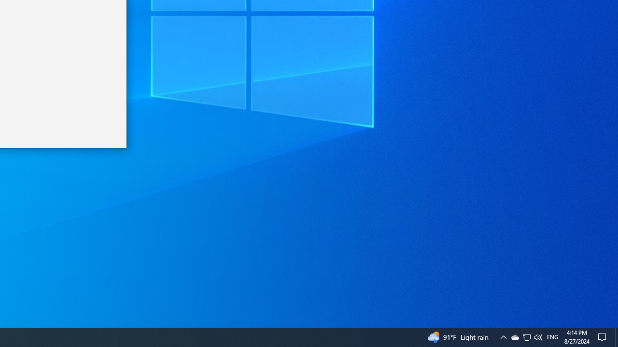 Image resolution: width=618 pixels, height=347 pixels. What do you see at coordinates (526, 336) in the screenshot?
I see `'User Promoted Notification Area'` at bounding box center [526, 336].